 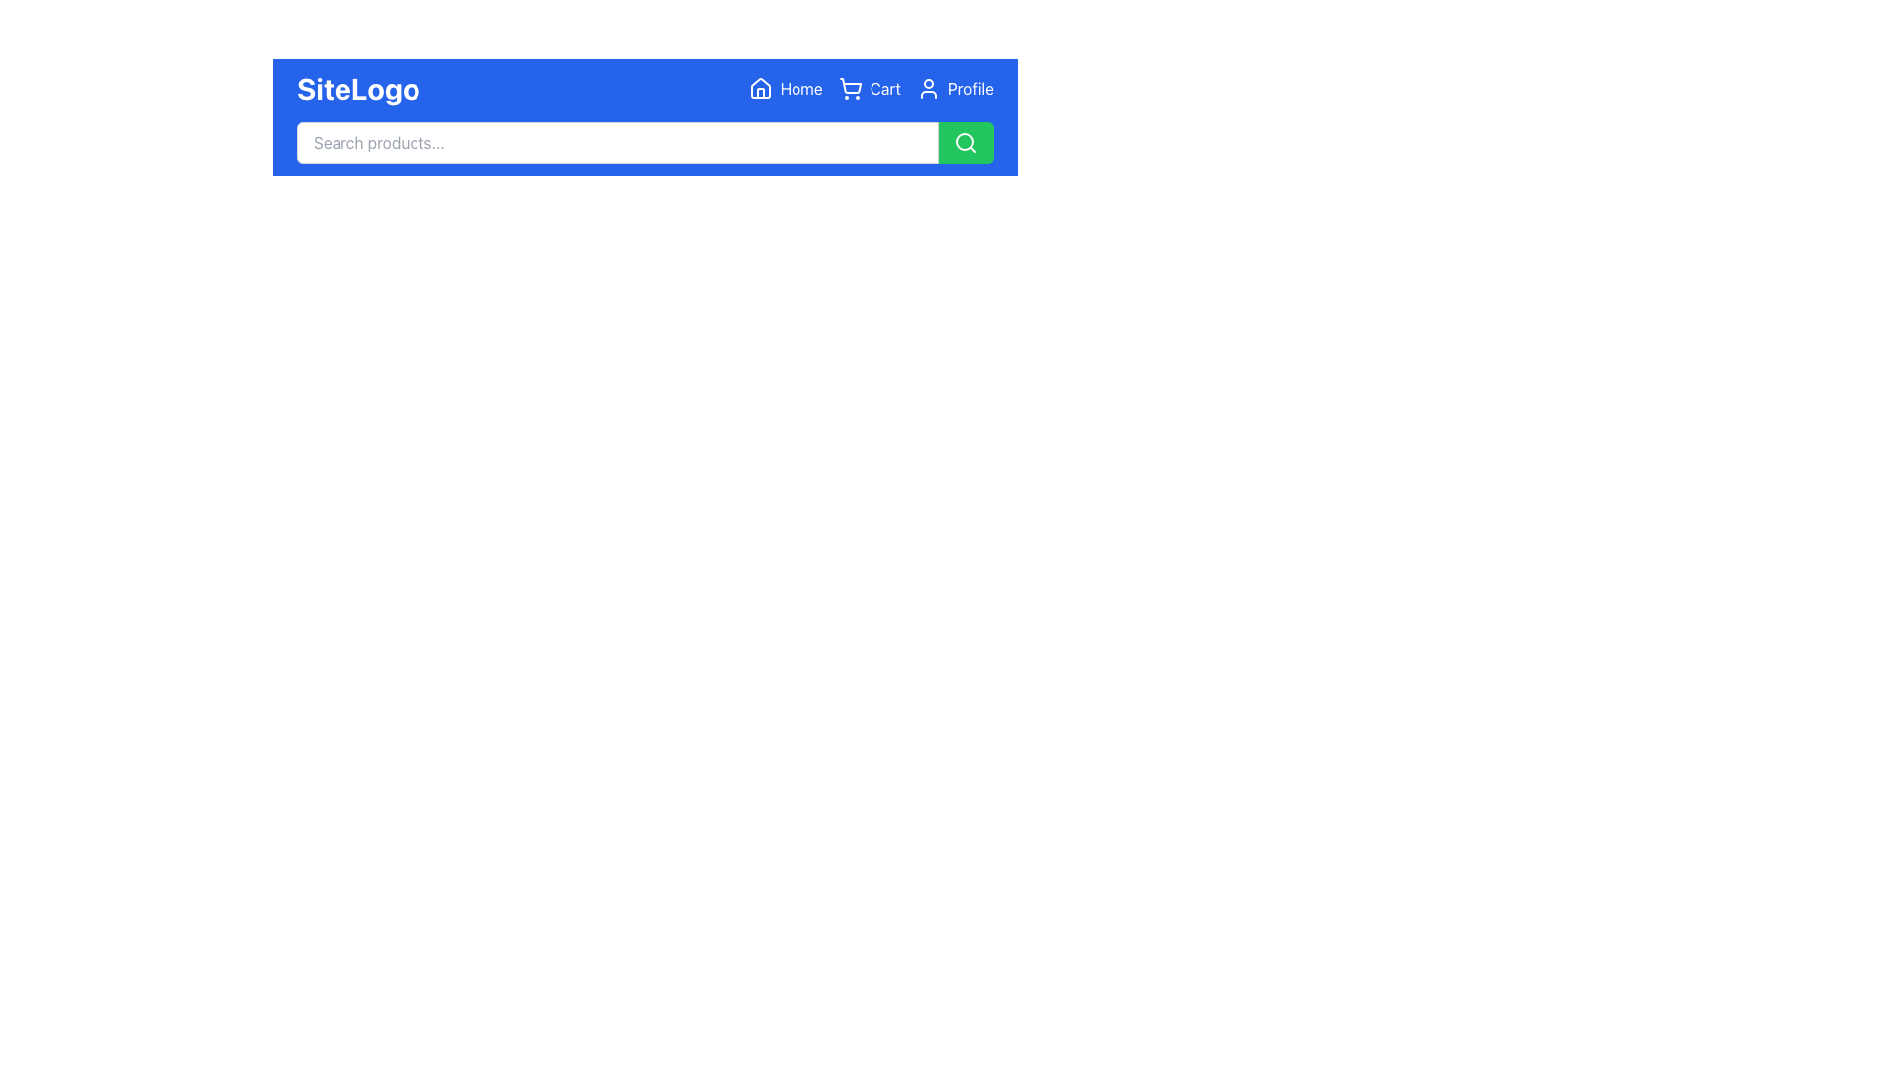 What do you see at coordinates (966, 142) in the screenshot?
I see `the search icon located in the top-right section of the rectangular green button` at bounding box center [966, 142].